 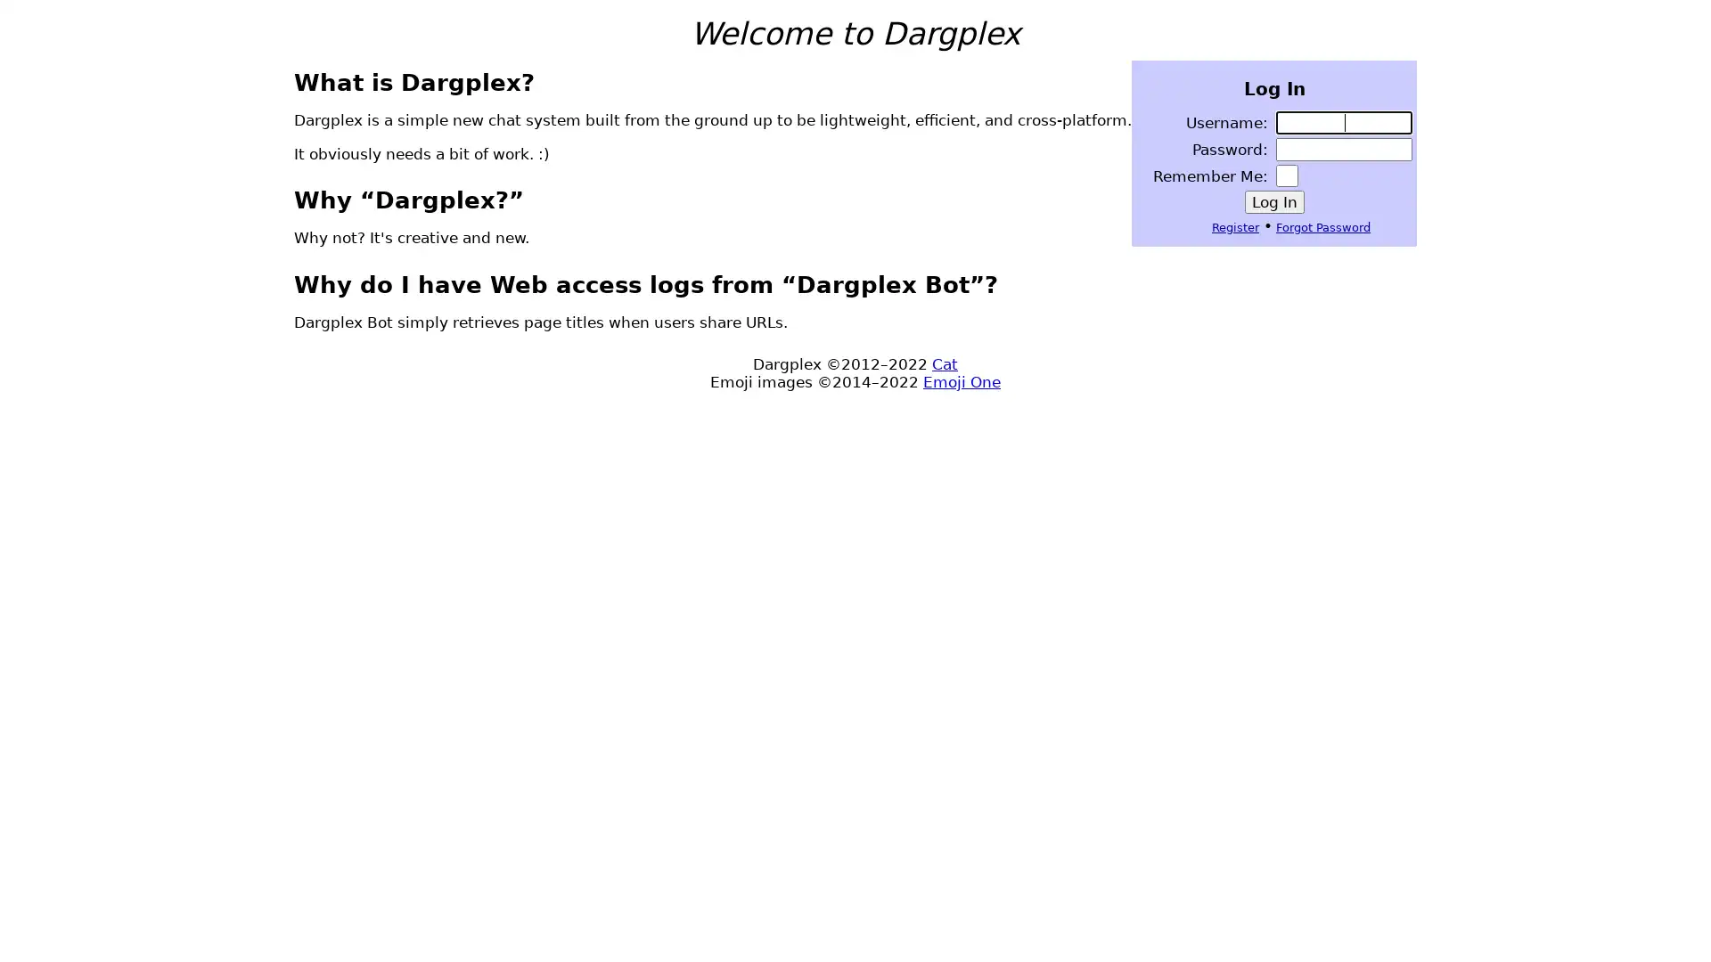 I want to click on Log In, so click(x=1273, y=201).